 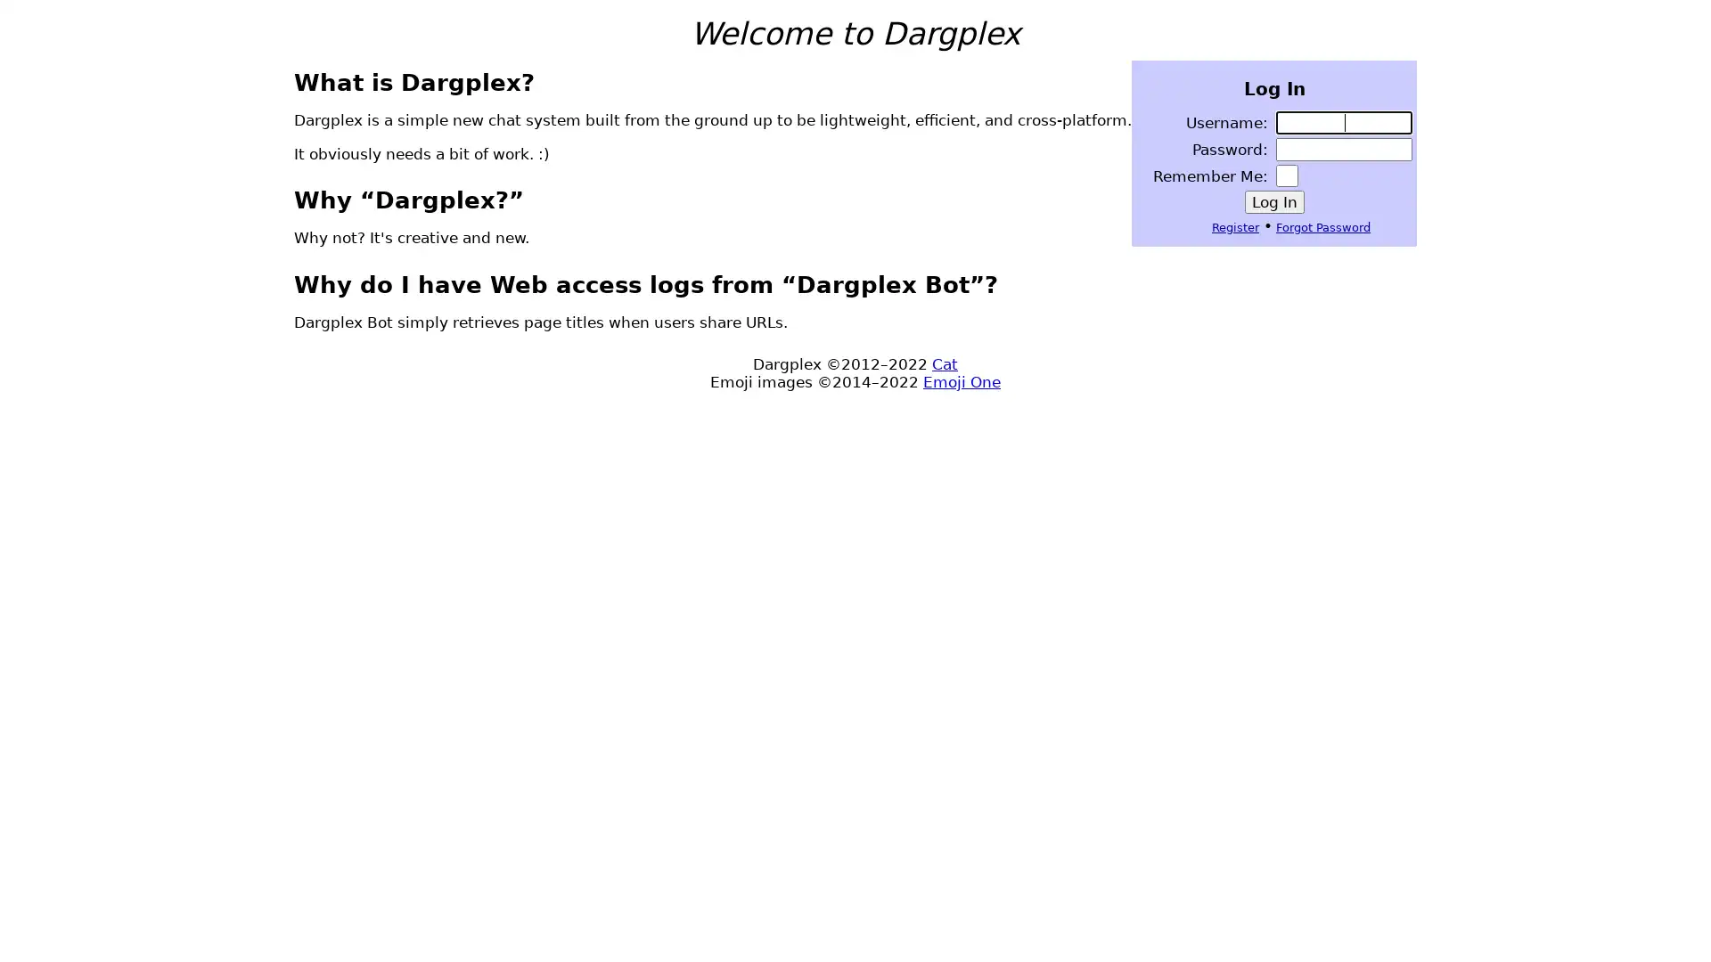 I want to click on Log In, so click(x=1273, y=201).